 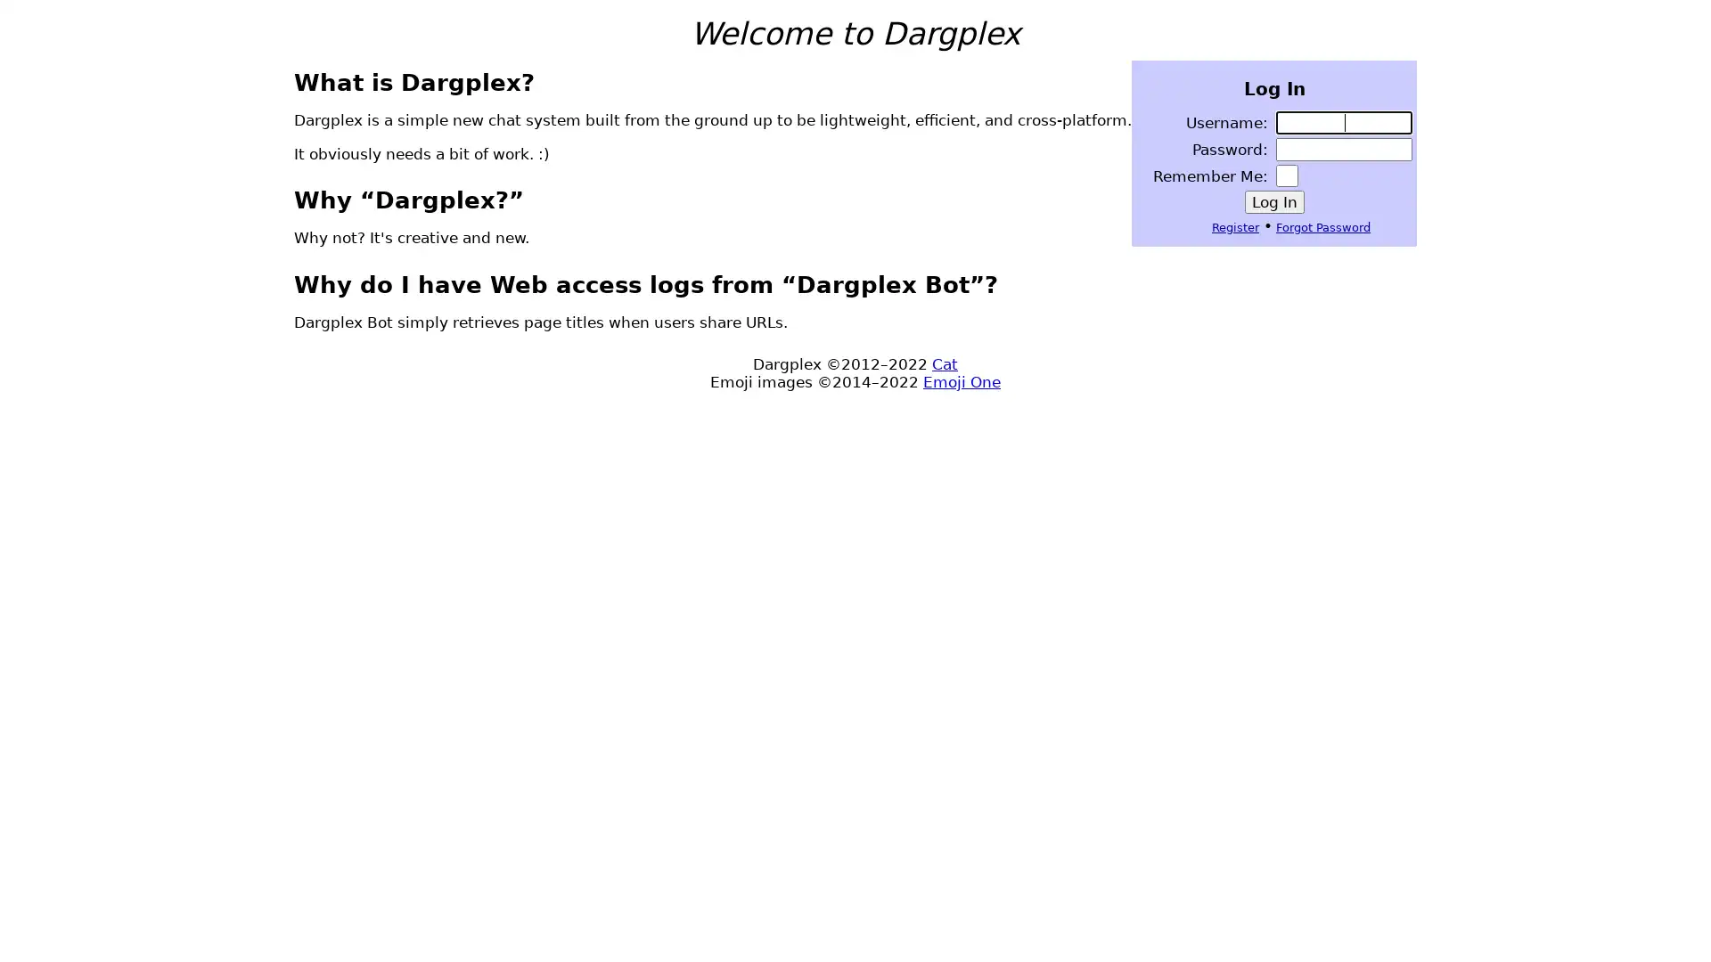 I want to click on Log In, so click(x=1273, y=201).